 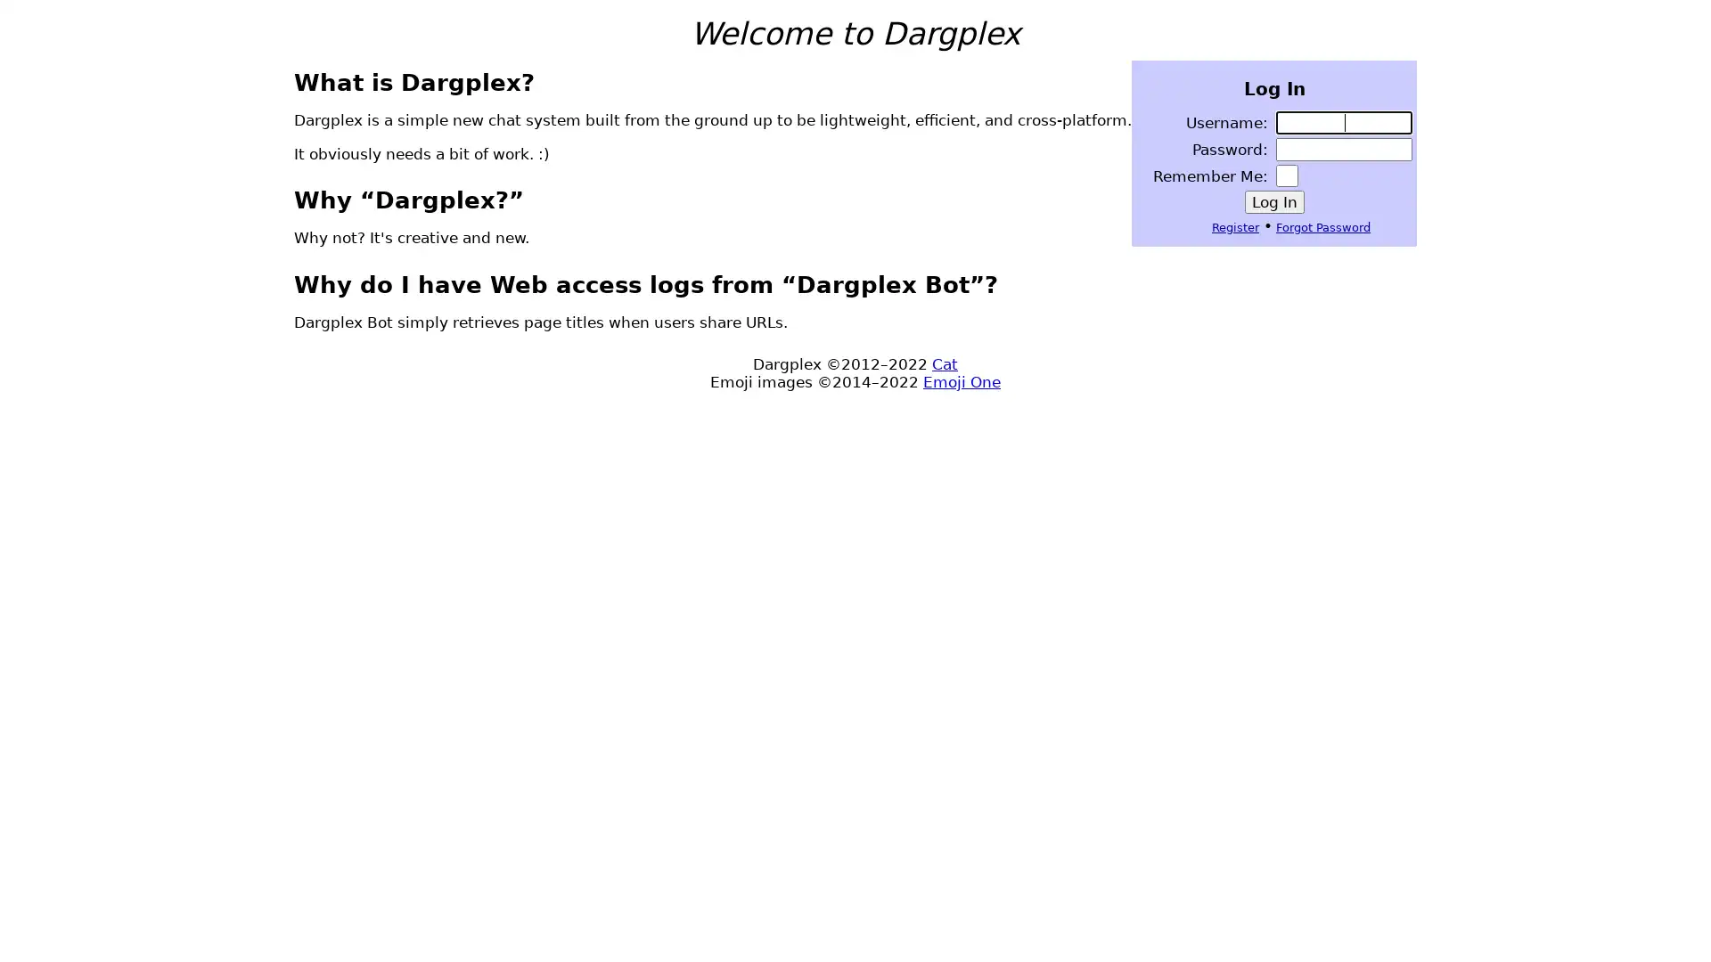 I want to click on Log In, so click(x=1273, y=201).